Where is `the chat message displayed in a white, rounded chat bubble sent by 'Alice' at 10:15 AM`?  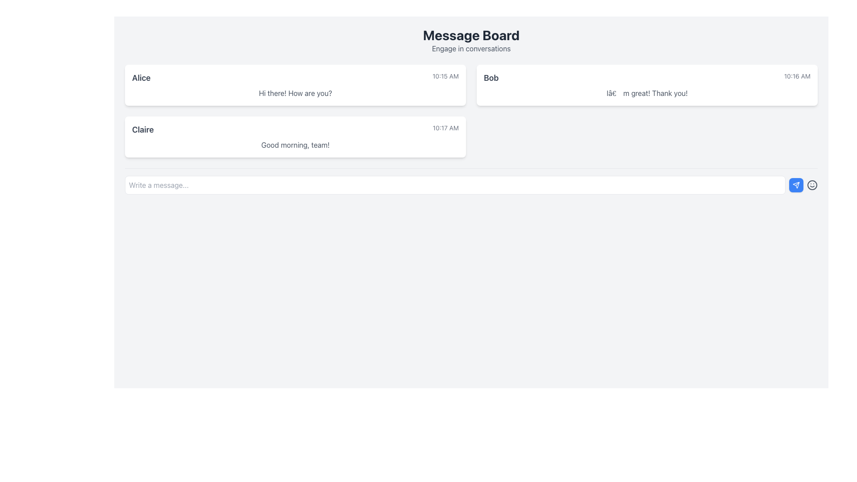
the chat message displayed in a white, rounded chat bubble sent by 'Alice' at 10:15 AM is located at coordinates (295, 93).